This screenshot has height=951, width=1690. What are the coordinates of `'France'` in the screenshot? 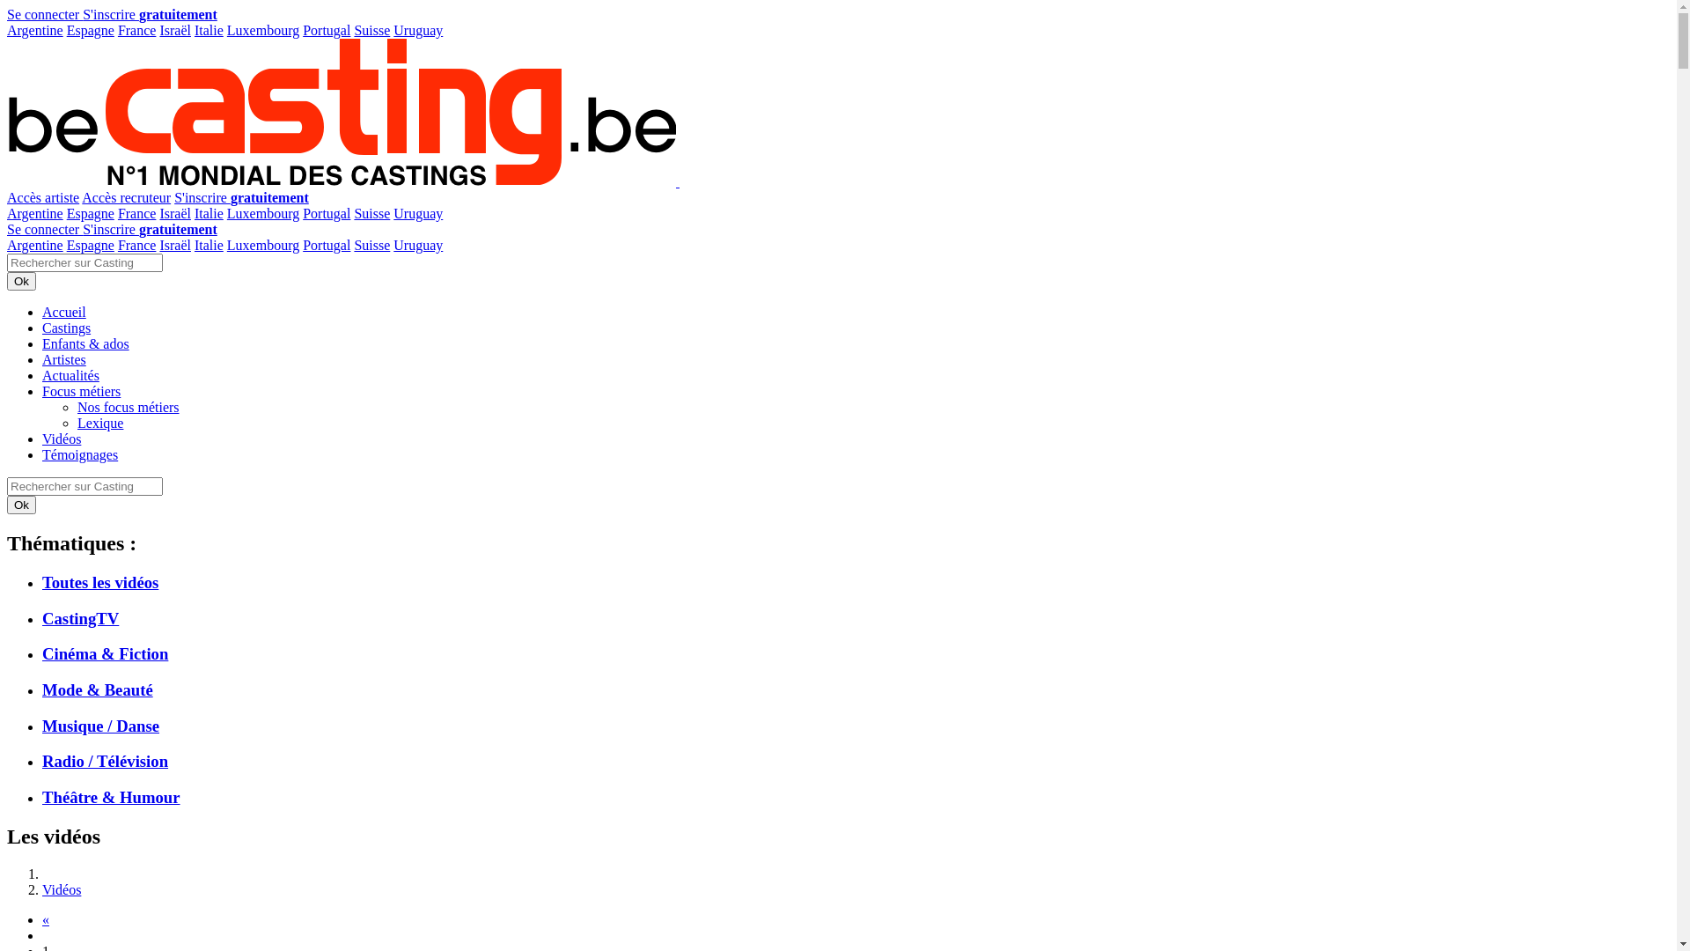 It's located at (136, 30).